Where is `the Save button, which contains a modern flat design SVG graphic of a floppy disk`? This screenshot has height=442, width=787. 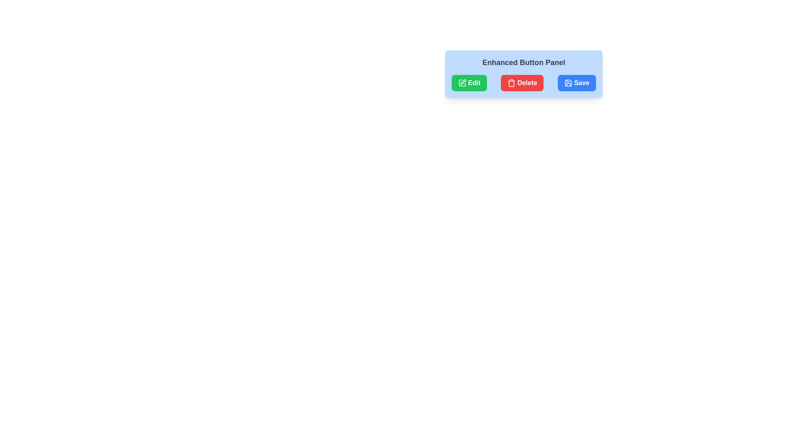
the Save button, which contains a modern flat design SVG graphic of a floppy disk is located at coordinates (568, 83).